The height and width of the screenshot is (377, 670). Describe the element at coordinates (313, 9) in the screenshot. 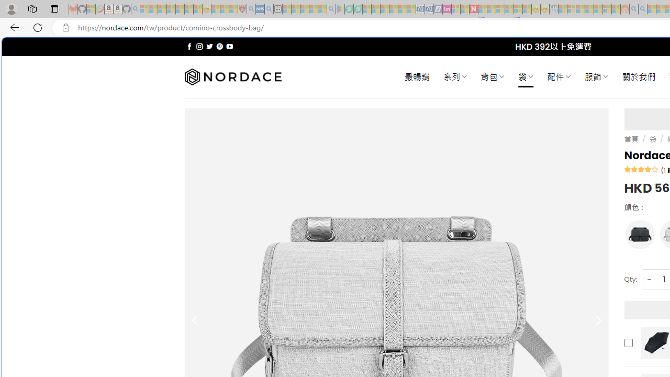

I see `'Pets - MSN - Sleeping'` at that location.